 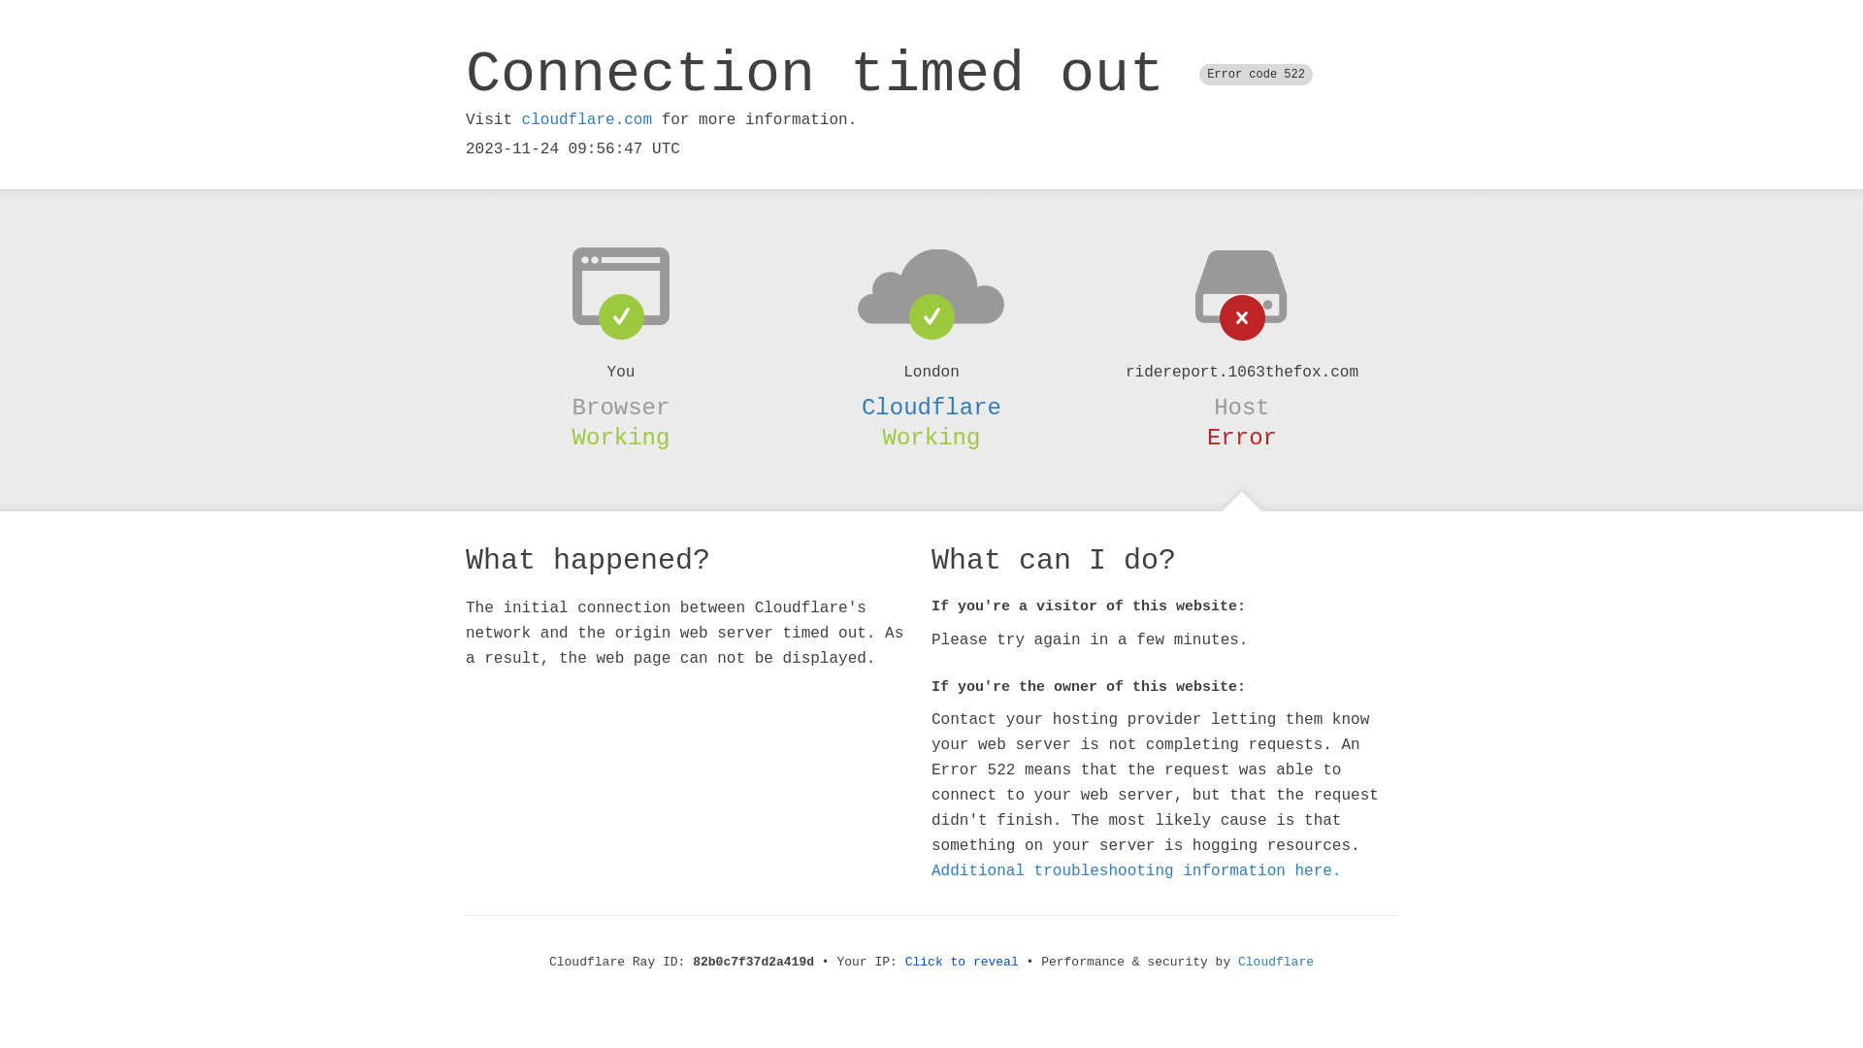 I want to click on 'Cloudflare', so click(x=931, y=407).